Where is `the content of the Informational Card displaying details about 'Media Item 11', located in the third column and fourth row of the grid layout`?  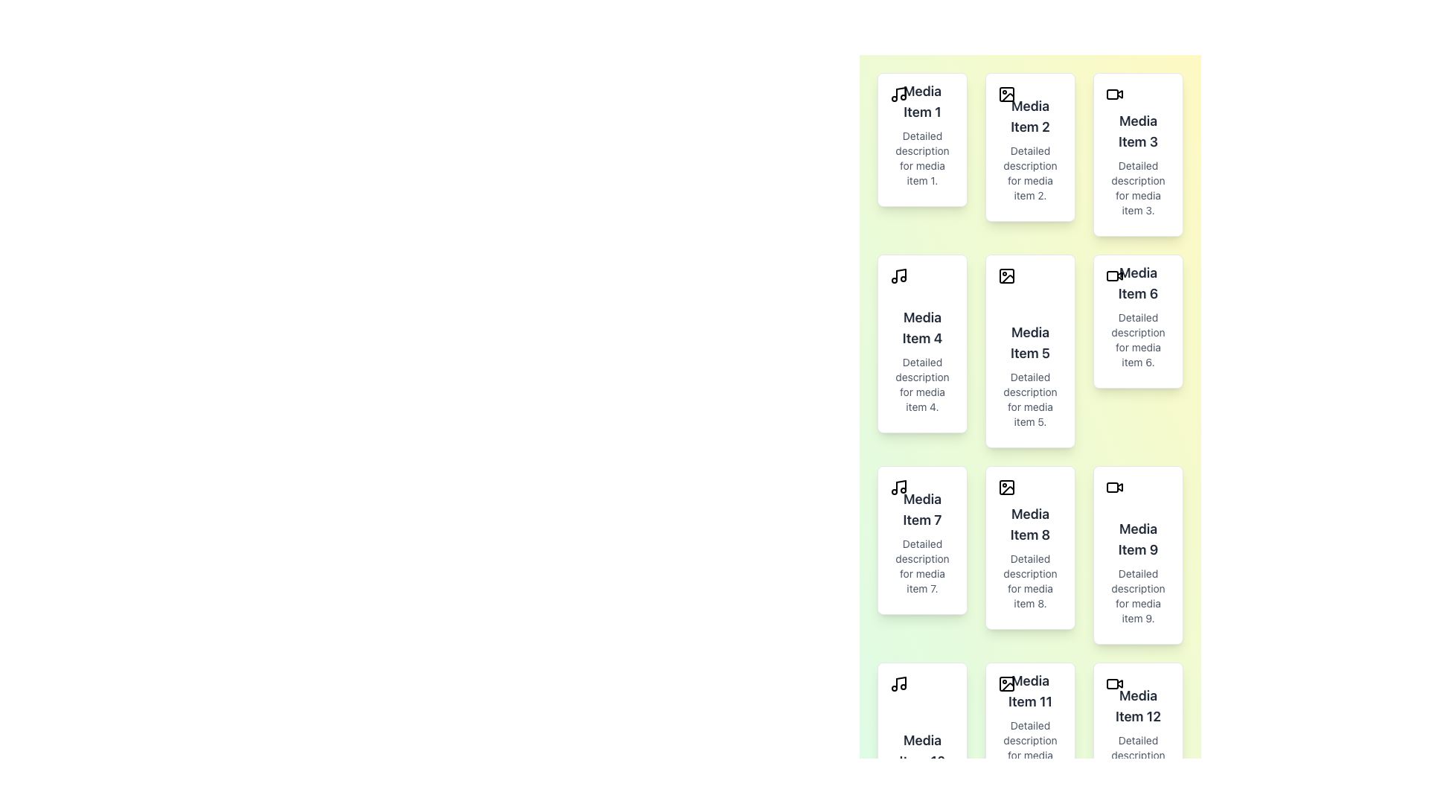
the content of the Informational Card displaying details about 'Media Item 11', located in the third column and fourth row of the grid layout is located at coordinates (1029, 728).